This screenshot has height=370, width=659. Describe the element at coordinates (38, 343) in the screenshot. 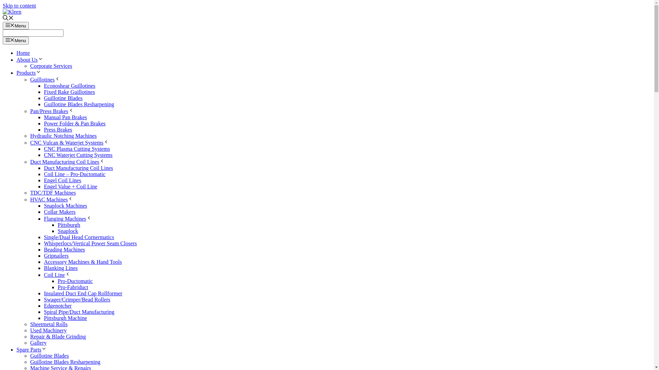

I see `'Gallery'` at that location.